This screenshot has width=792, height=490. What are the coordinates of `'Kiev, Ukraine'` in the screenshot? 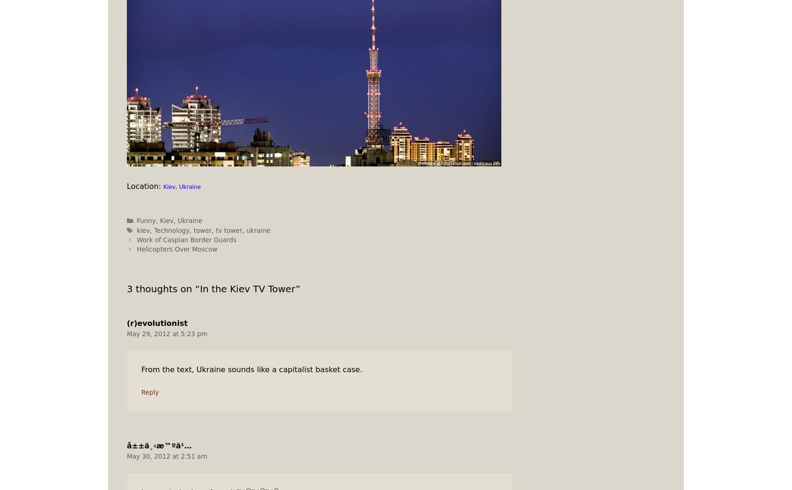 It's located at (163, 187).